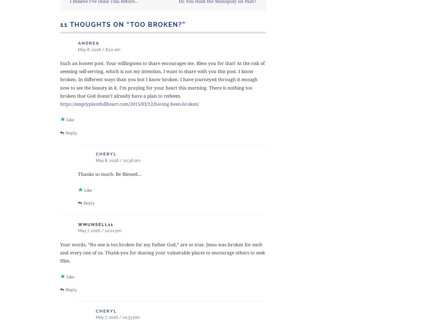 Image resolution: width=442 pixels, height=320 pixels. Describe the element at coordinates (100, 230) in the screenshot. I see `'May 7, 2016 / 10:21 pm'` at that location.